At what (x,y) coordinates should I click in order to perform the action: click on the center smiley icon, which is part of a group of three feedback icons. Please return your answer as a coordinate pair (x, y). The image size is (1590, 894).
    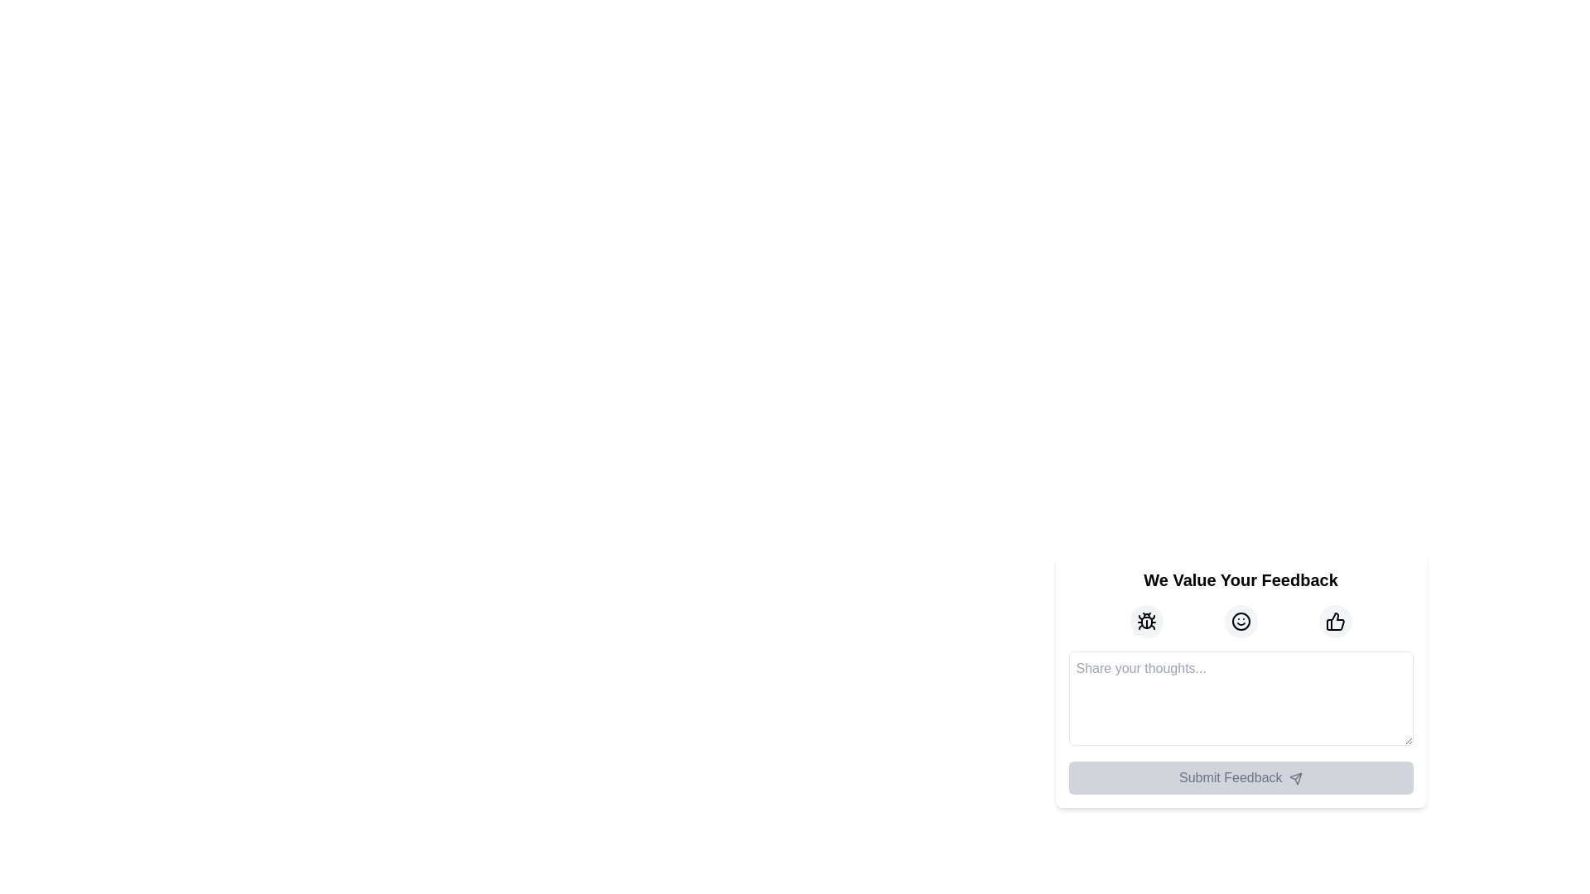
    Looking at the image, I should click on (1241, 622).